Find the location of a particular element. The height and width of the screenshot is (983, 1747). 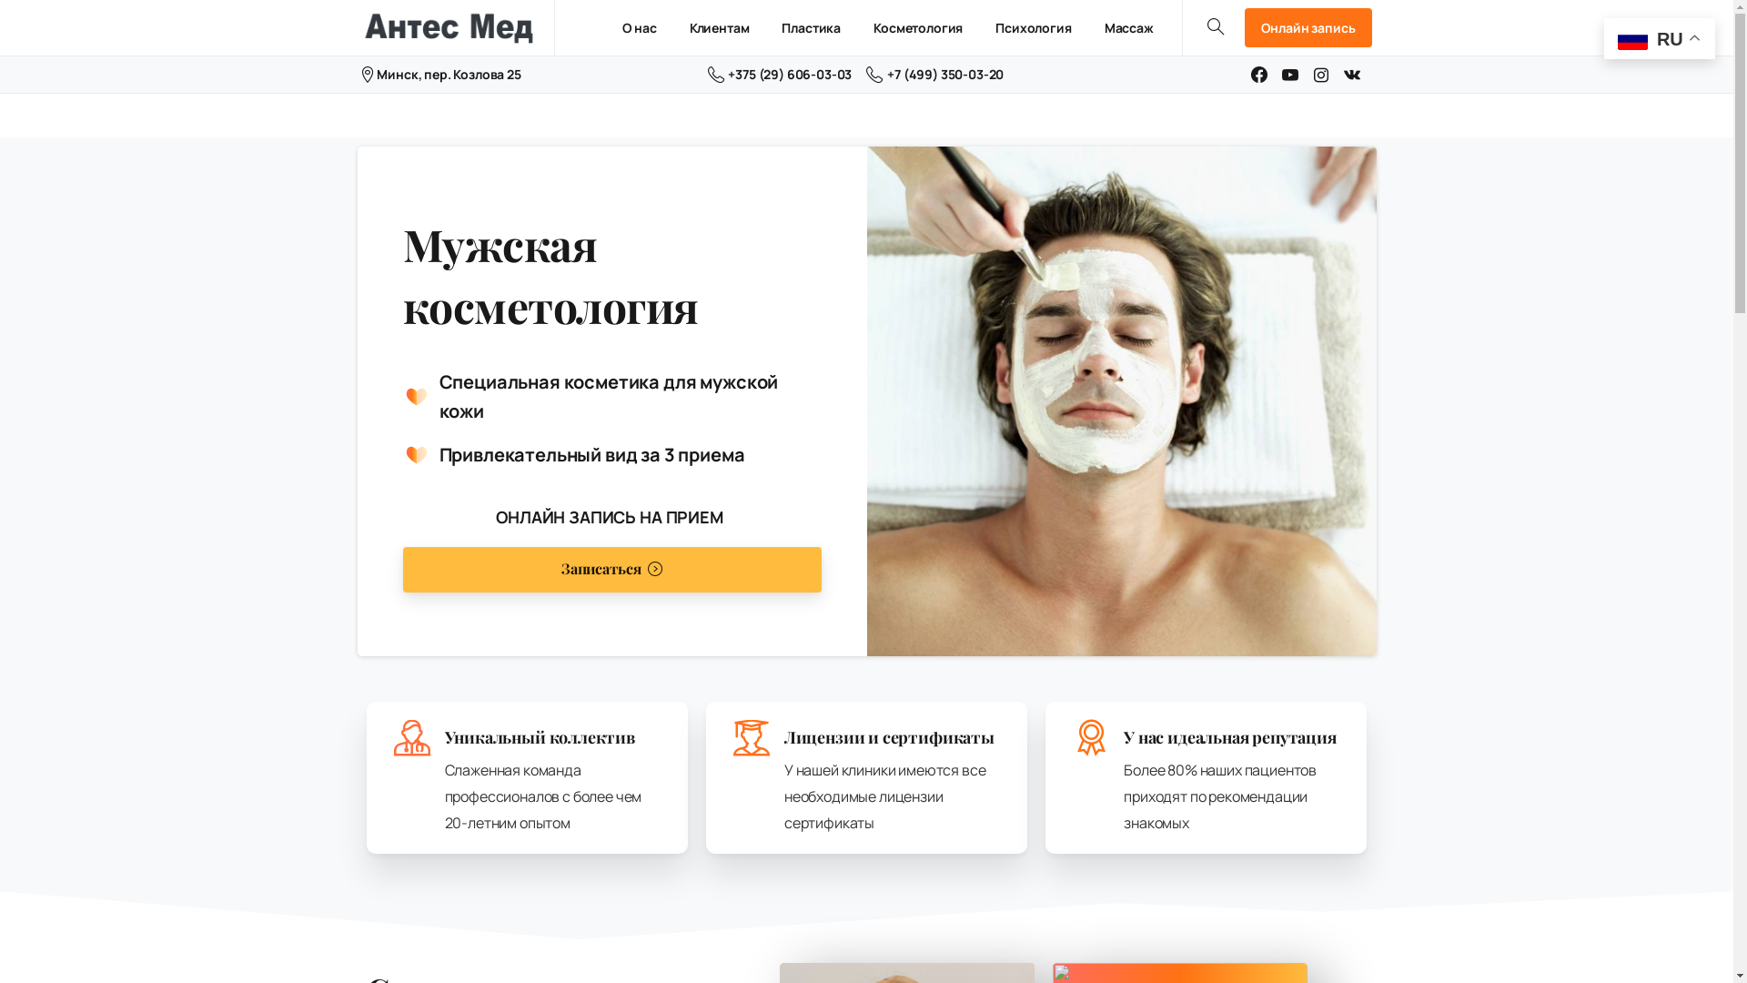

'Facebook' is located at coordinates (1257, 73).